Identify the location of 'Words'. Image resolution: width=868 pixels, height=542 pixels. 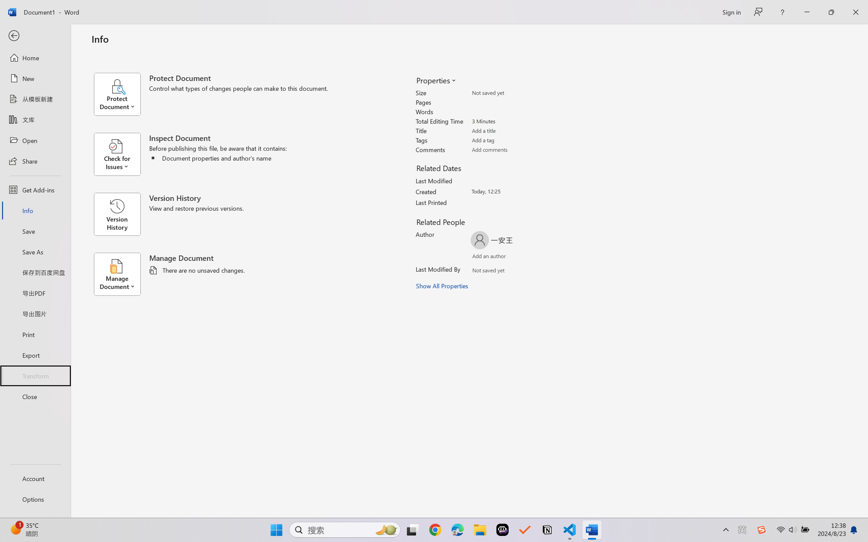
(511, 111).